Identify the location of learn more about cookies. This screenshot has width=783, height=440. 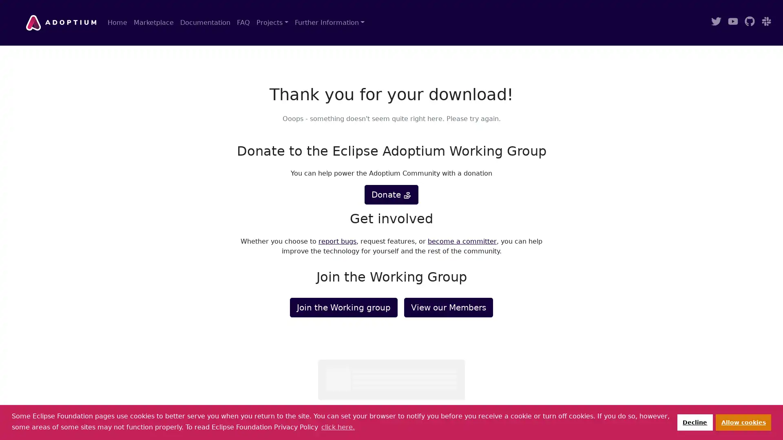
(338, 427).